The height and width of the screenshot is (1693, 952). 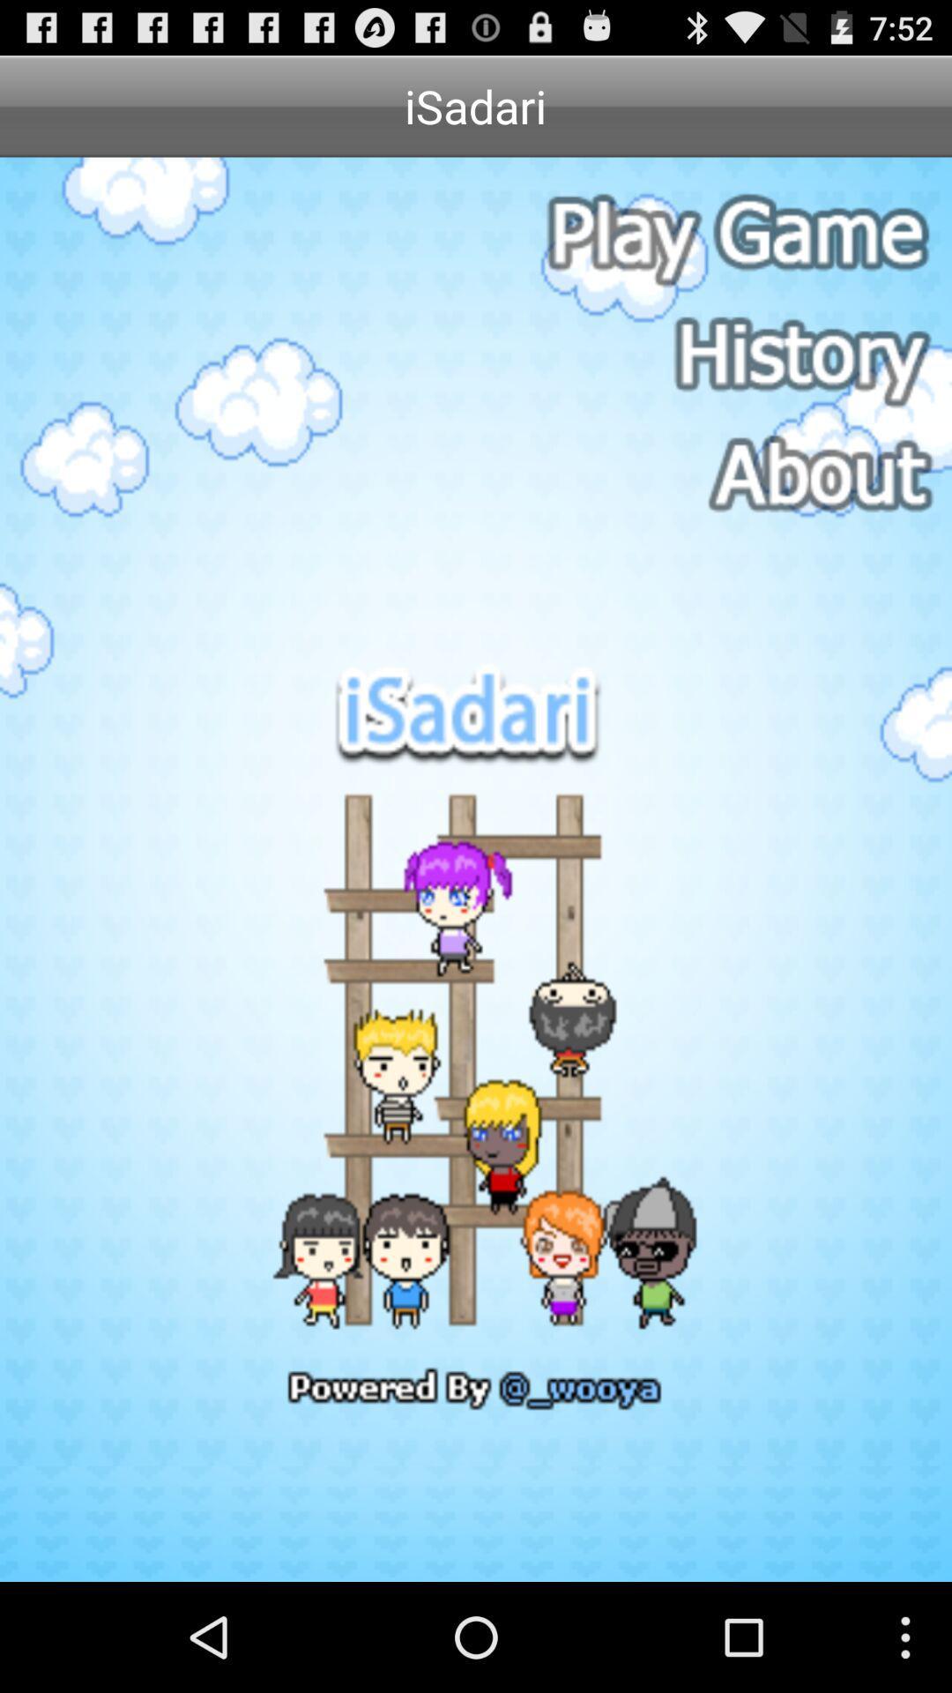 I want to click on open history, so click(x=734, y=354).